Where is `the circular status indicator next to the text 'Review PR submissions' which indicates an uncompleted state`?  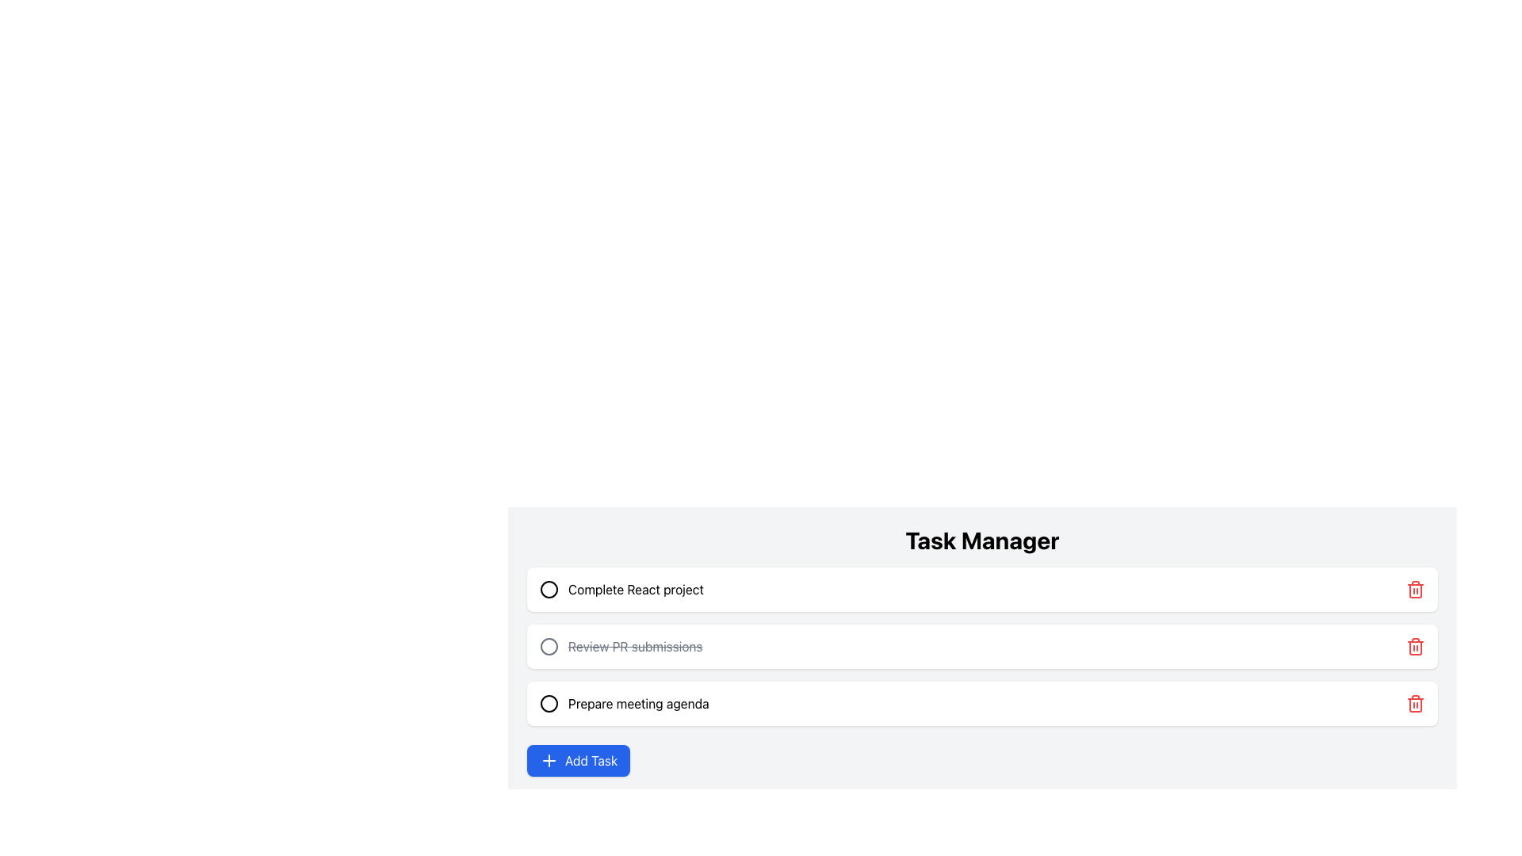 the circular status indicator next to the text 'Review PR submissions' which indicates an uncompleted state is located at coordinates (549, 647).